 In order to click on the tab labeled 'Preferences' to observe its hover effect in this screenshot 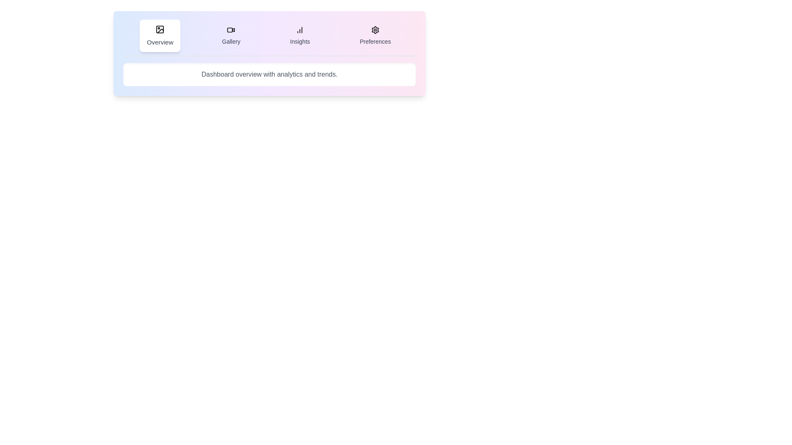, I will do `click(374, 35)`.